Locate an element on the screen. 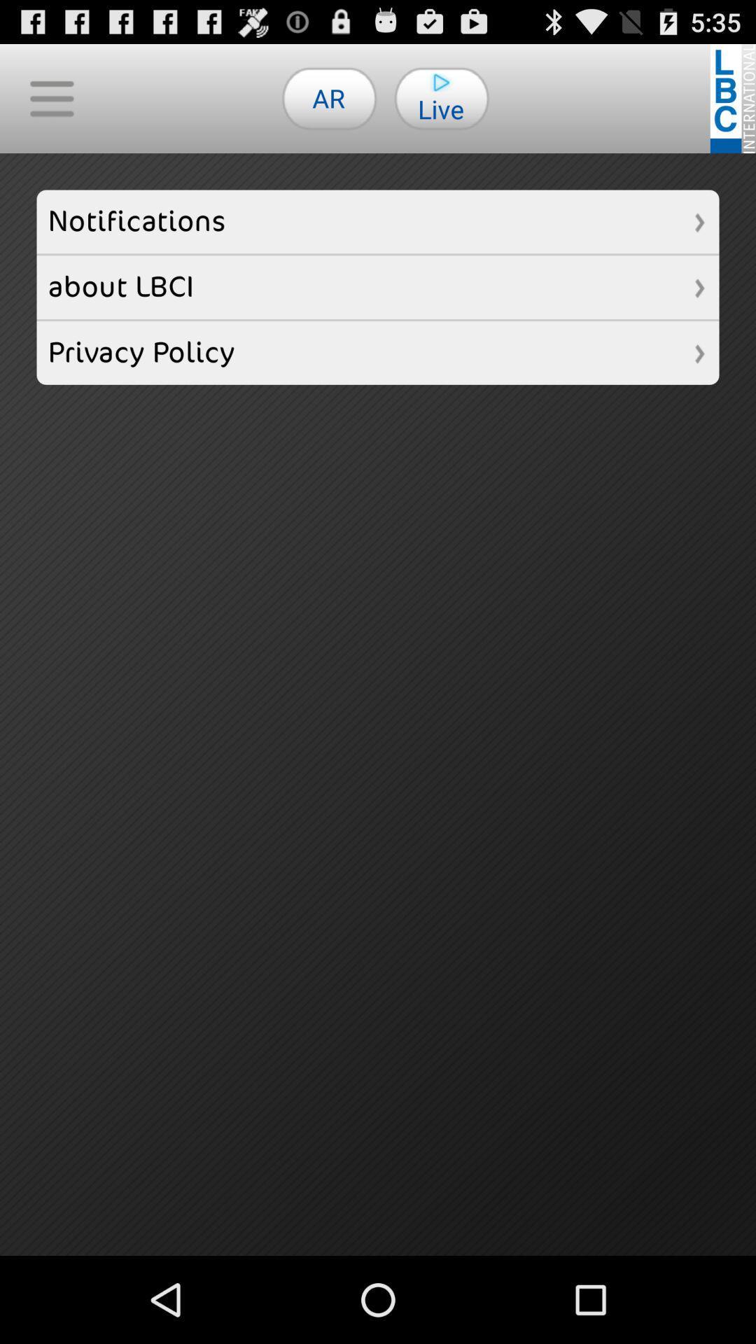 The height and width of the screenshot is (1344, 756). the privacy policy button is located at coordinates (378, 353).